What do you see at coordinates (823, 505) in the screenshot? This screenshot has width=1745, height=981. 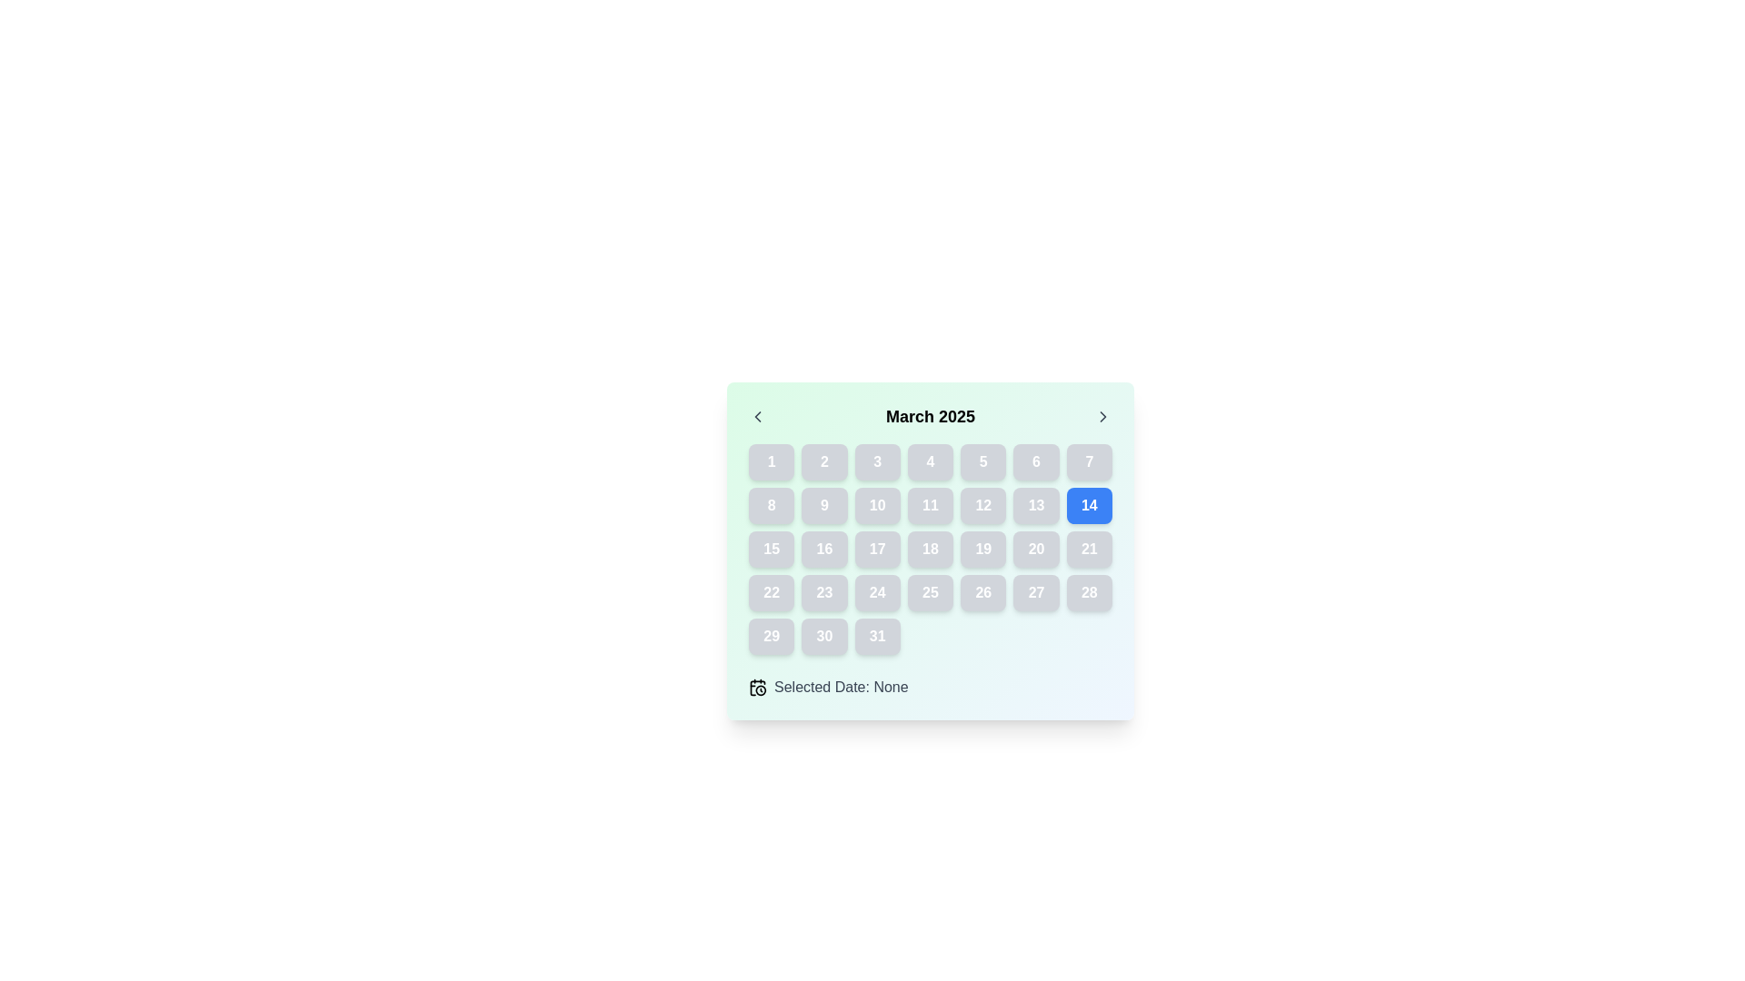 I see `the calendar day button located in the second row and second column to trigger its hover state` at bounding box center [823, 505].